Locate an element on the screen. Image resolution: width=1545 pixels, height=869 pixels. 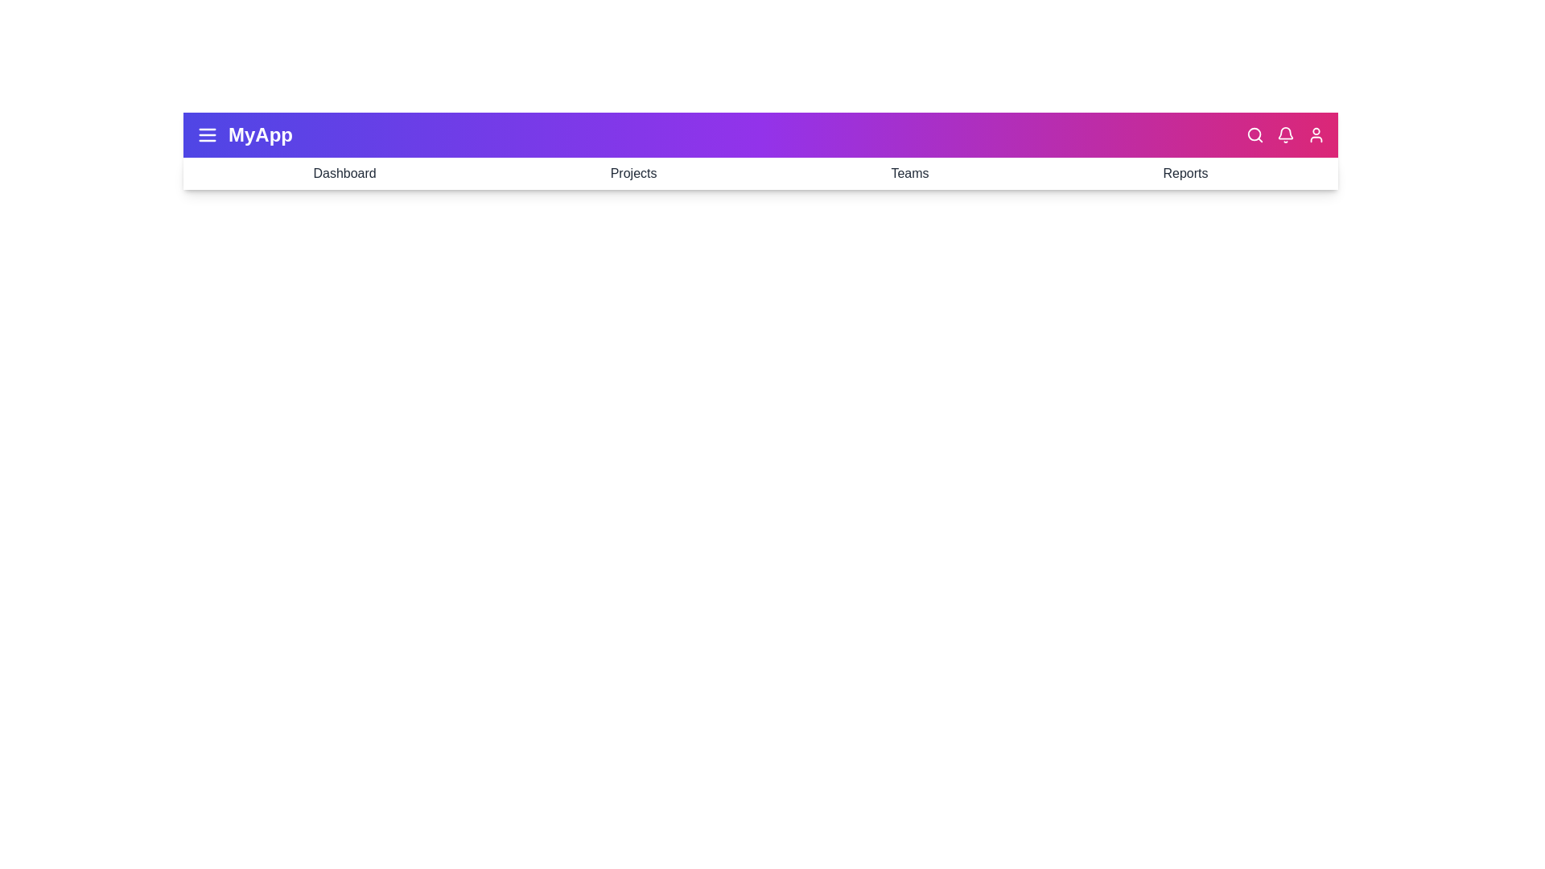
the navigation menu item Projects is located at coordinates (632, 174).